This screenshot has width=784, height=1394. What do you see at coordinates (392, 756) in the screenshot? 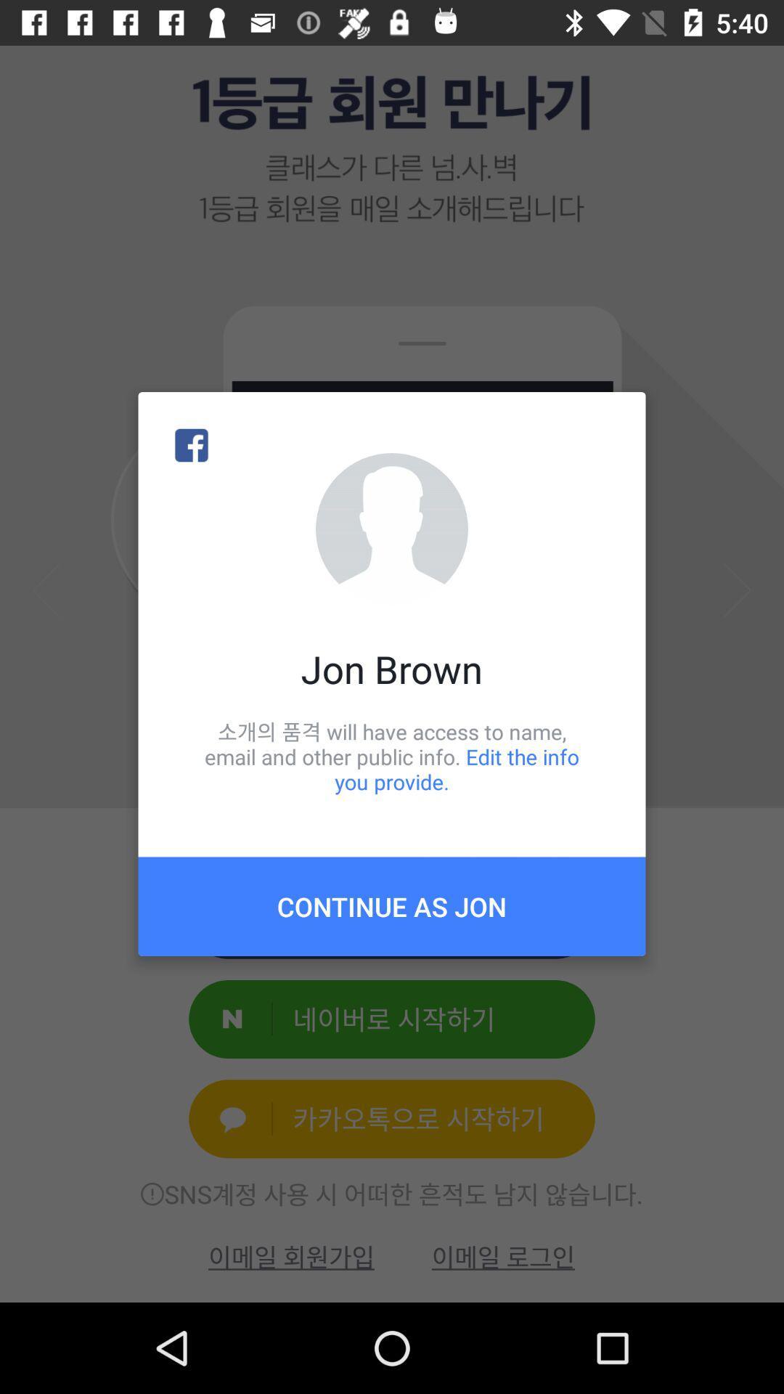
I see `icon below jon brown` at bounding box center [392, 756].